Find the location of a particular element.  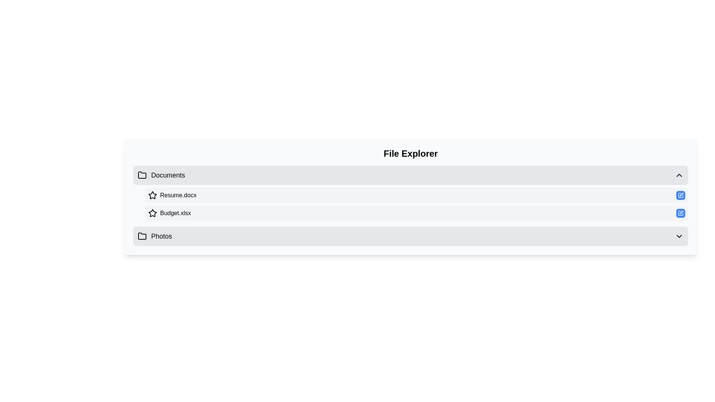

the bright blue rounded rectangular button with a pen and square icon located in the top right corner of the row labeled 'Budget.xlsx' to initiate an action is located at coordinates (681, 213).